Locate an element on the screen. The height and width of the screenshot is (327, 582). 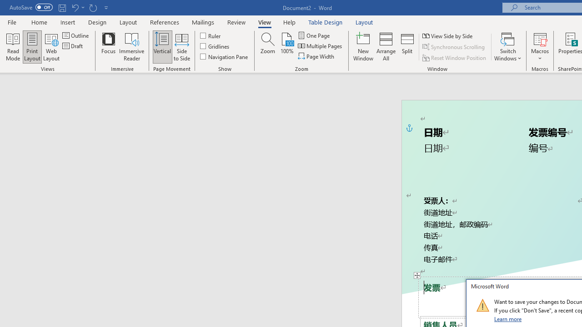
'One Page' is located at coordinates (314, 35).